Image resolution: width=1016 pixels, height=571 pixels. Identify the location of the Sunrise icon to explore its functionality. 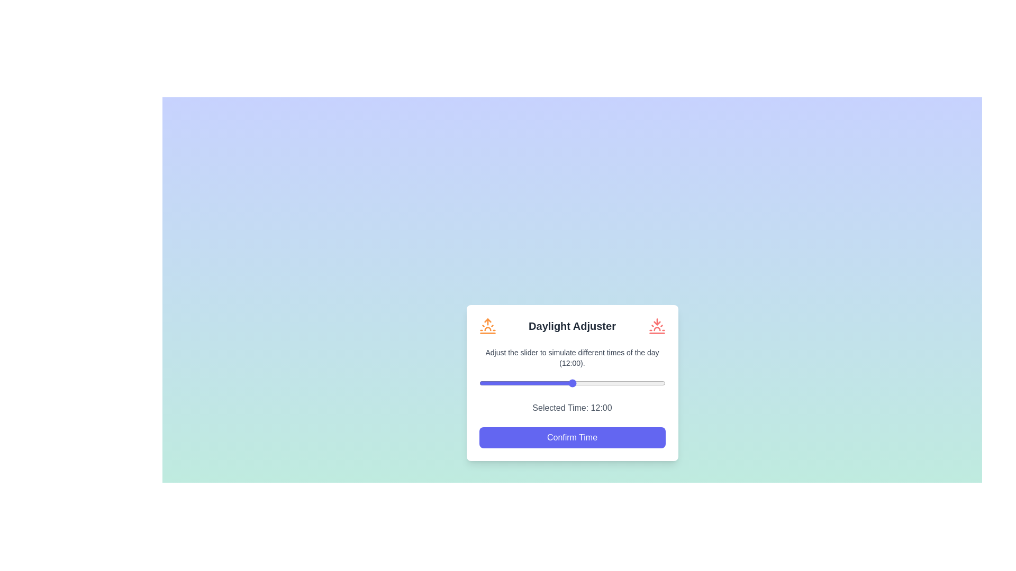
(487, 325).